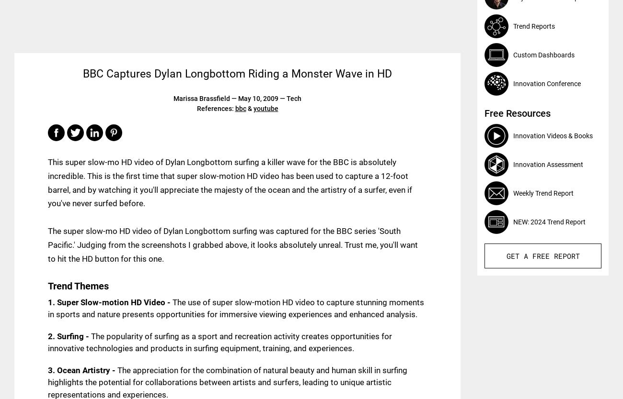 This screenshot has width=623, height=399. Describe the element at coordinates (513, 192) in the screenshot. I see `'Weekly Trend Report'` at that location.